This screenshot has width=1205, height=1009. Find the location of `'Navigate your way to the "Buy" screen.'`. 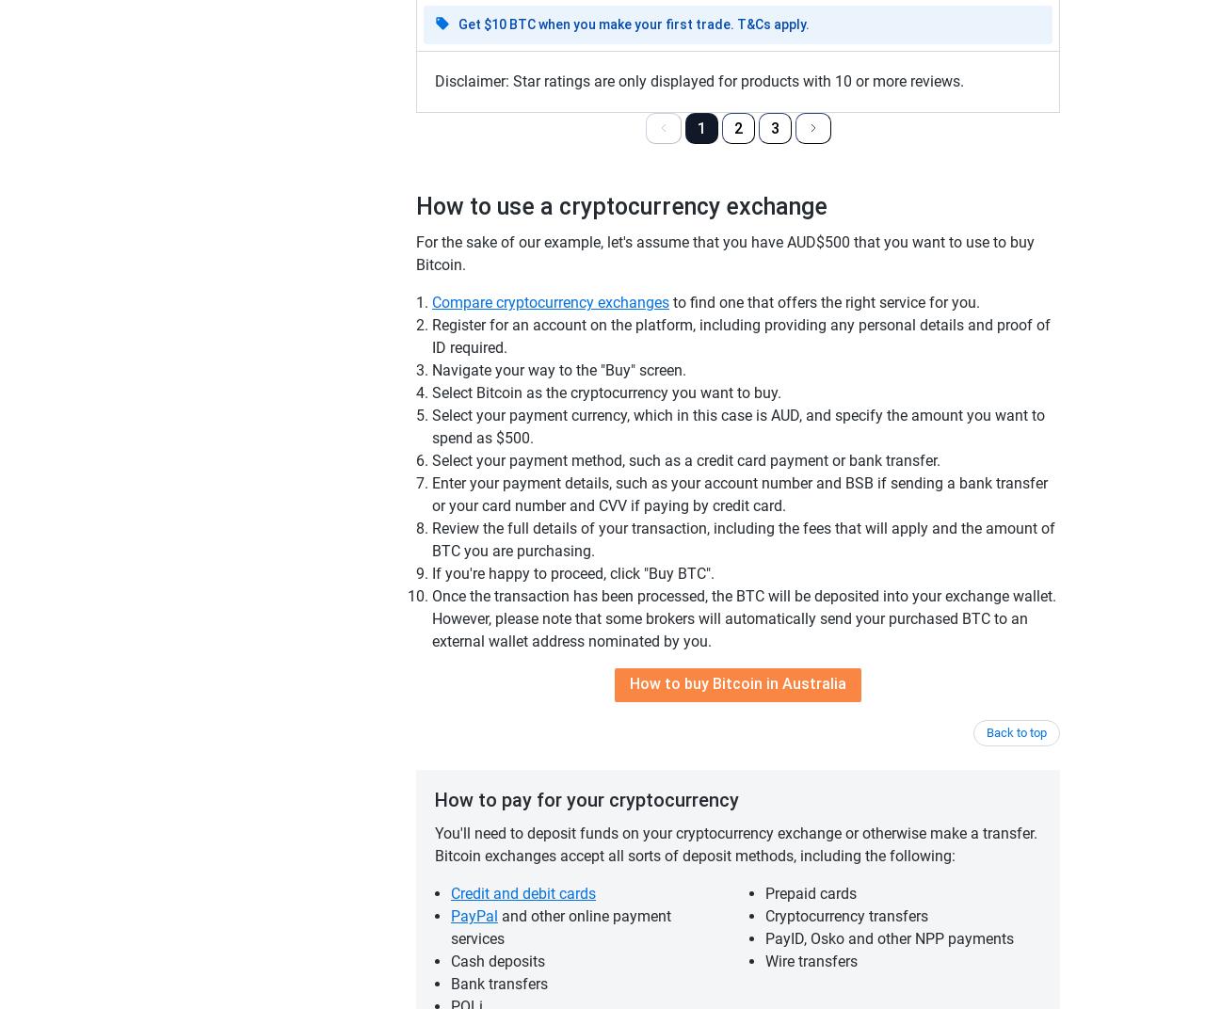

'Navigate your way to the "Buy" screen.' is located at coordinates (558, 370).